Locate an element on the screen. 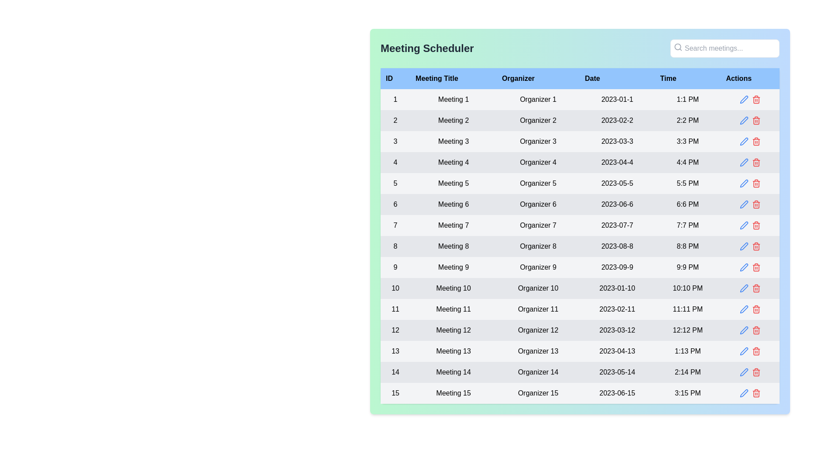 The image size is (839, 472). the text label displaying 'Actions' in bold, located in the light blue header row of the table, which is the last in a sequence of six headers is located at coordinates (749, 79).